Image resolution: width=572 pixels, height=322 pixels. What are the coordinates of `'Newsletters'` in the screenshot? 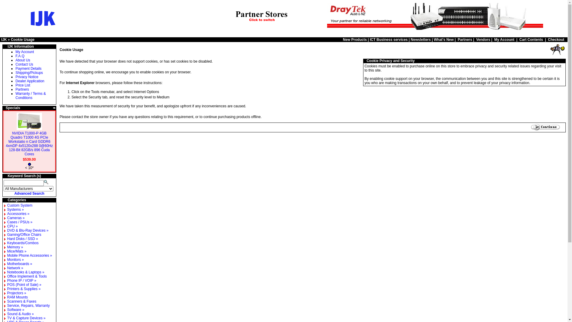 It's located at (420, 39).